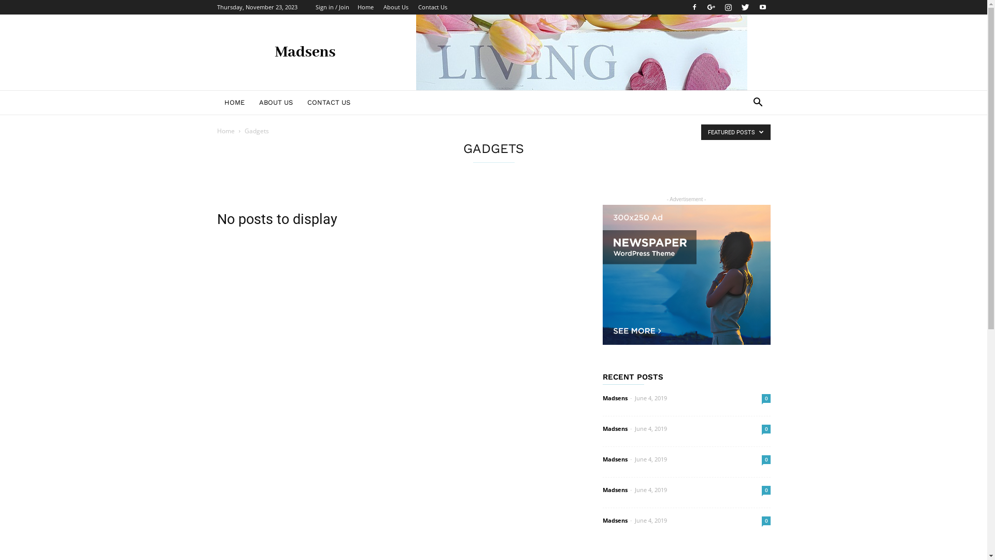 The height and width of the screenshot is (560, 995). I want to click on 'Madsens', so click(602, 458).